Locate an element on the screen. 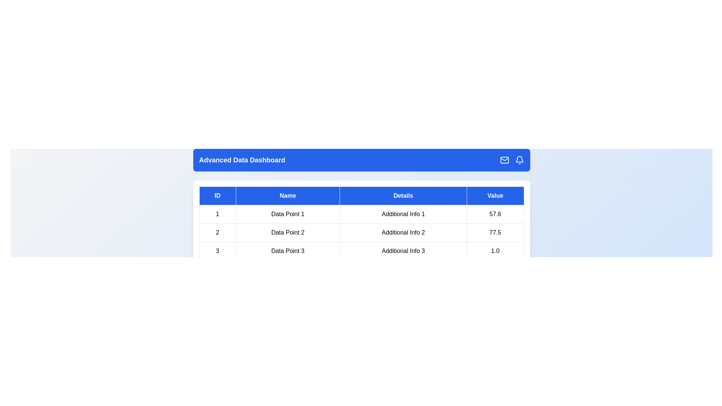 The image size is (722, 406). the row corresponding to 3 by clicking on it is located at coordinates (361, 251).